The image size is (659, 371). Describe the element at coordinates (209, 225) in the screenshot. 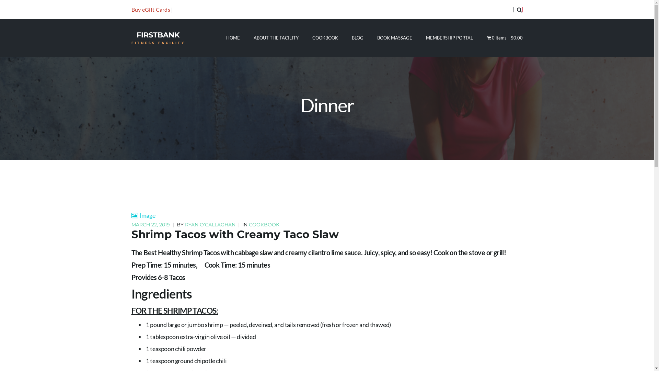

I see `'RYAN O'CALLAGHAN'` at that location.